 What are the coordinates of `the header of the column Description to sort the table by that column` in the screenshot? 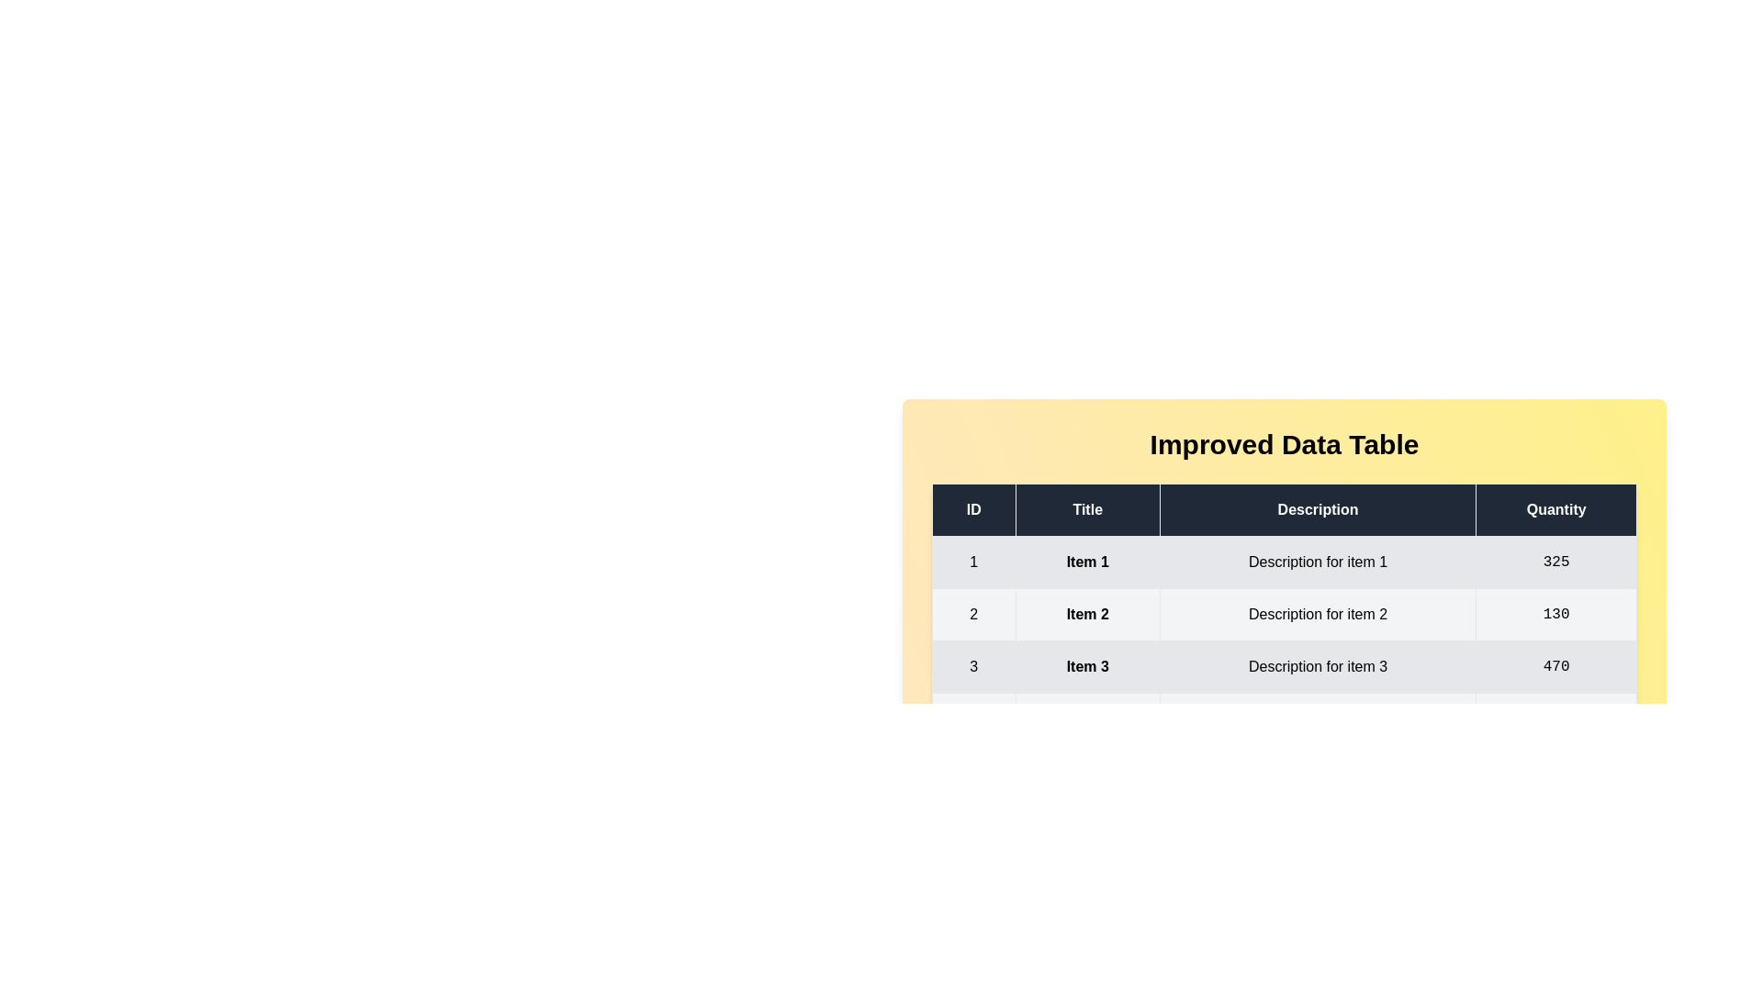 It's located at (1317, 509).